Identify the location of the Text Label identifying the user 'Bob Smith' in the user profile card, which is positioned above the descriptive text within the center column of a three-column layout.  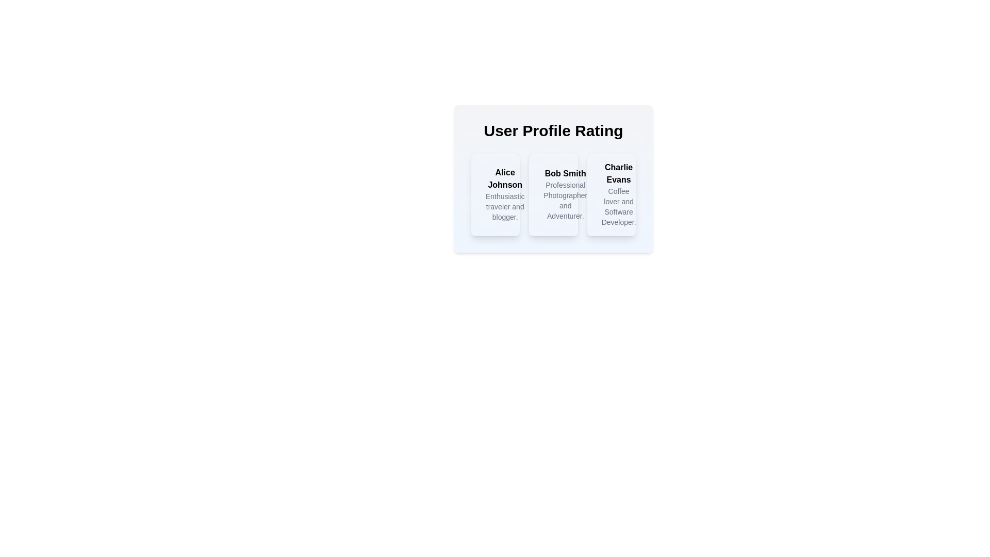
(565, 173).